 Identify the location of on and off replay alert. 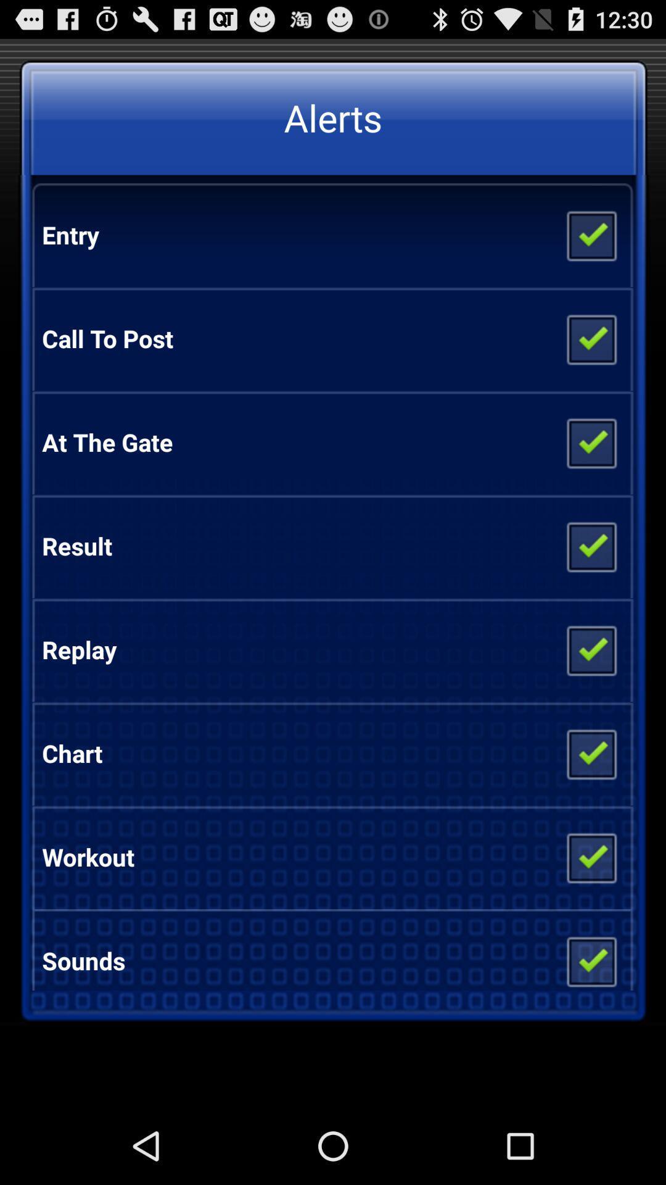
(590, 649).